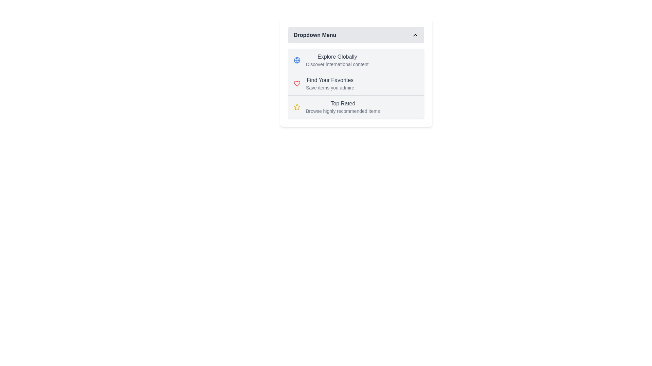 This screenshot has width=652, height=366. Describe the element at coordinates (337, 64) in the screenshot. I see `the static text element that contains the text 'Discover international content' located below 'Explore Globally' in the dropdown menu panel` at that location.